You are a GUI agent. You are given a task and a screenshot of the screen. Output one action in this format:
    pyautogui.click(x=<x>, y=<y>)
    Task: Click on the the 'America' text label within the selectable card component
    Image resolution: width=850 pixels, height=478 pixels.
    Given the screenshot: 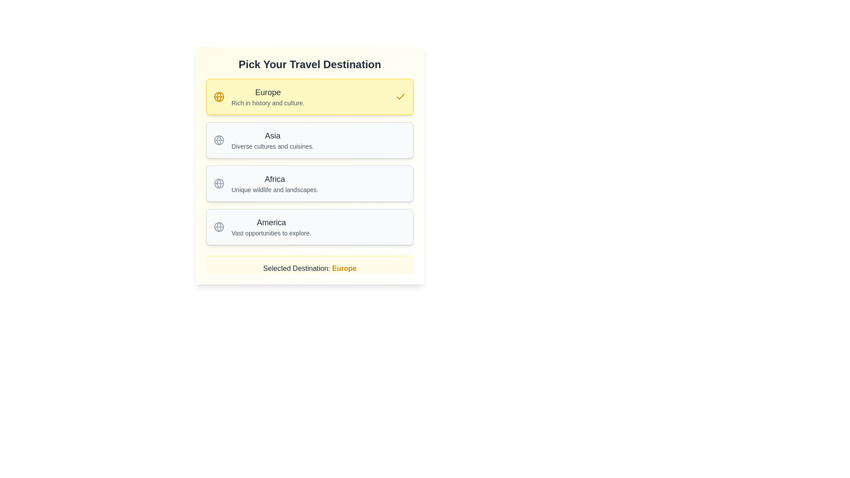 What is the action you would take?
    pyautogui.click(x=271, y=227)
    